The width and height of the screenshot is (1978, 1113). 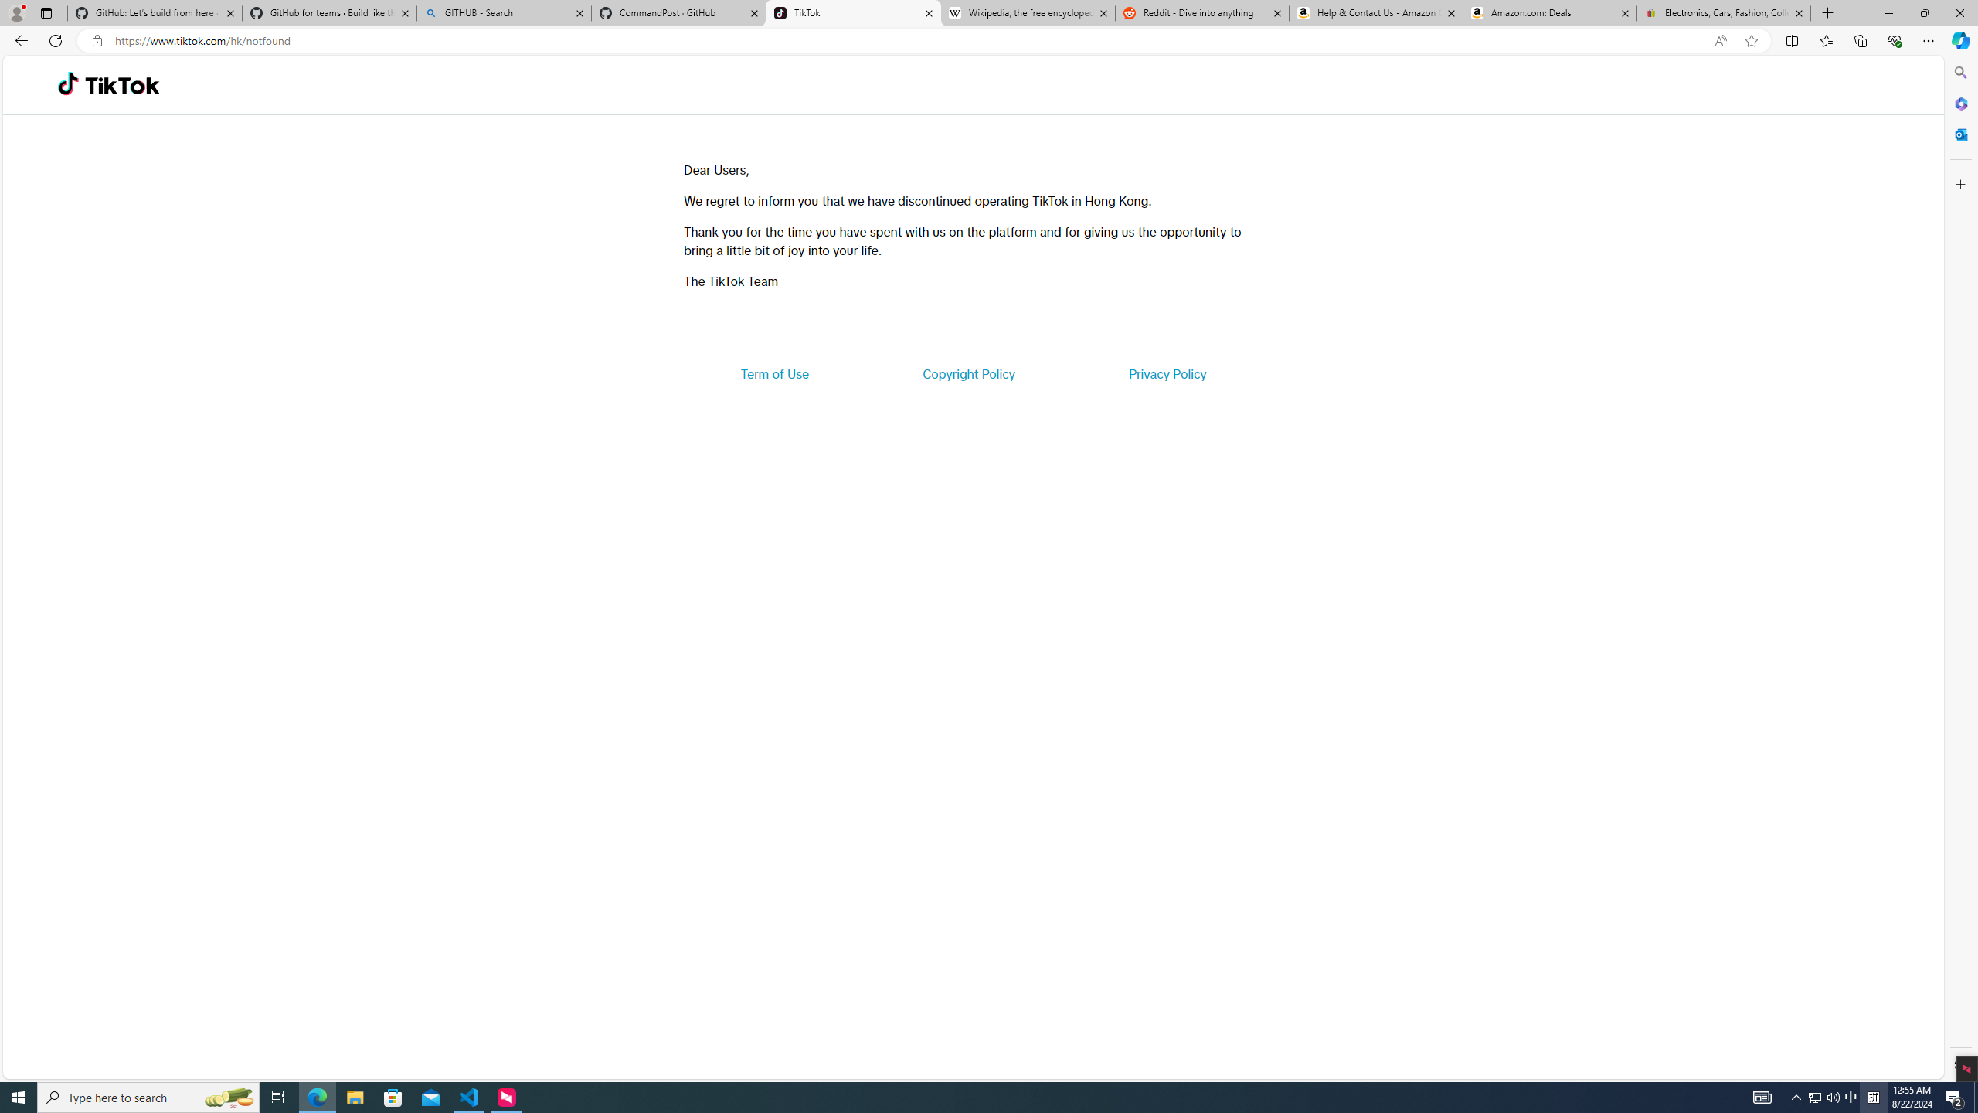 I want to click on 'Wikipedia, the free encyclopedia', so click(x=1026, y=12).